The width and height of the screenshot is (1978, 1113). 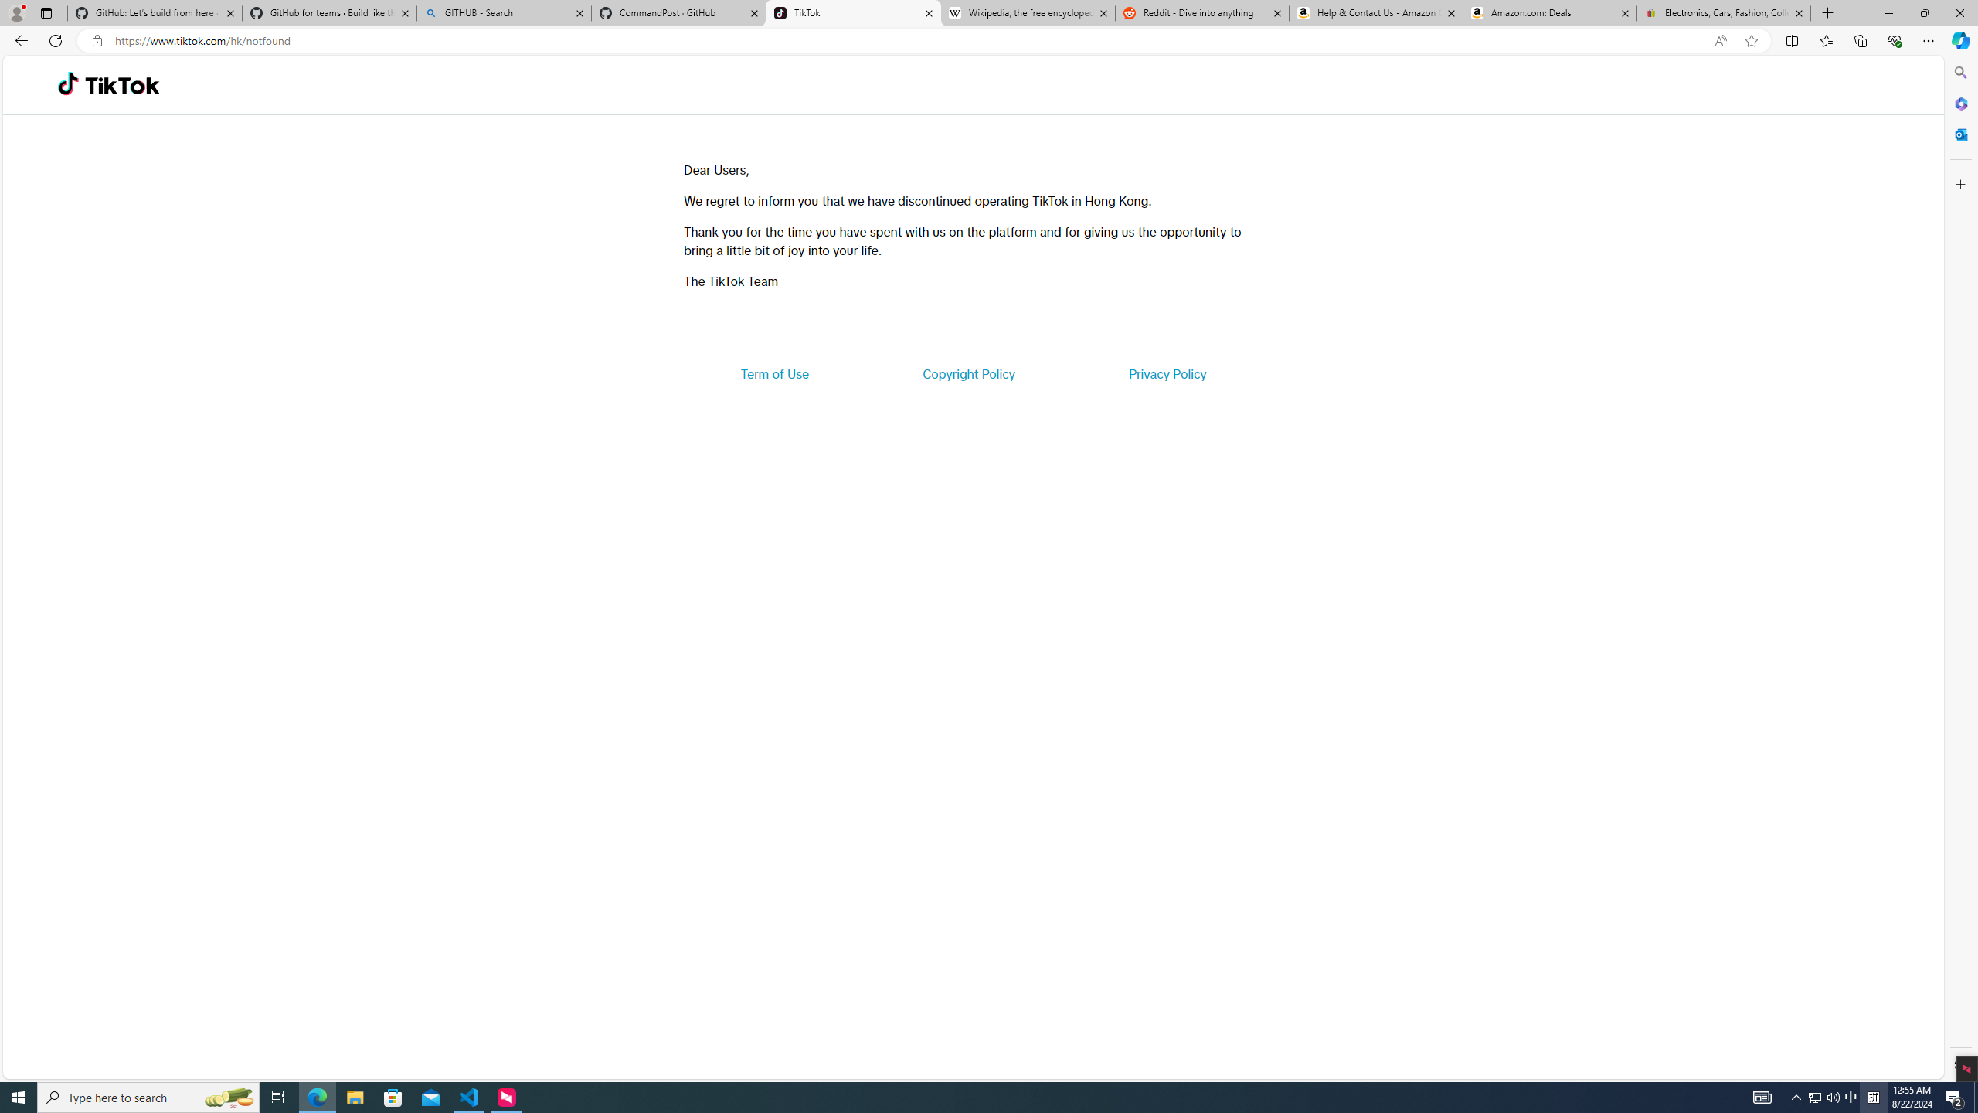 I want to click on 'Wikipedia, the free encyclopedia', so click(x=1026, y=12).